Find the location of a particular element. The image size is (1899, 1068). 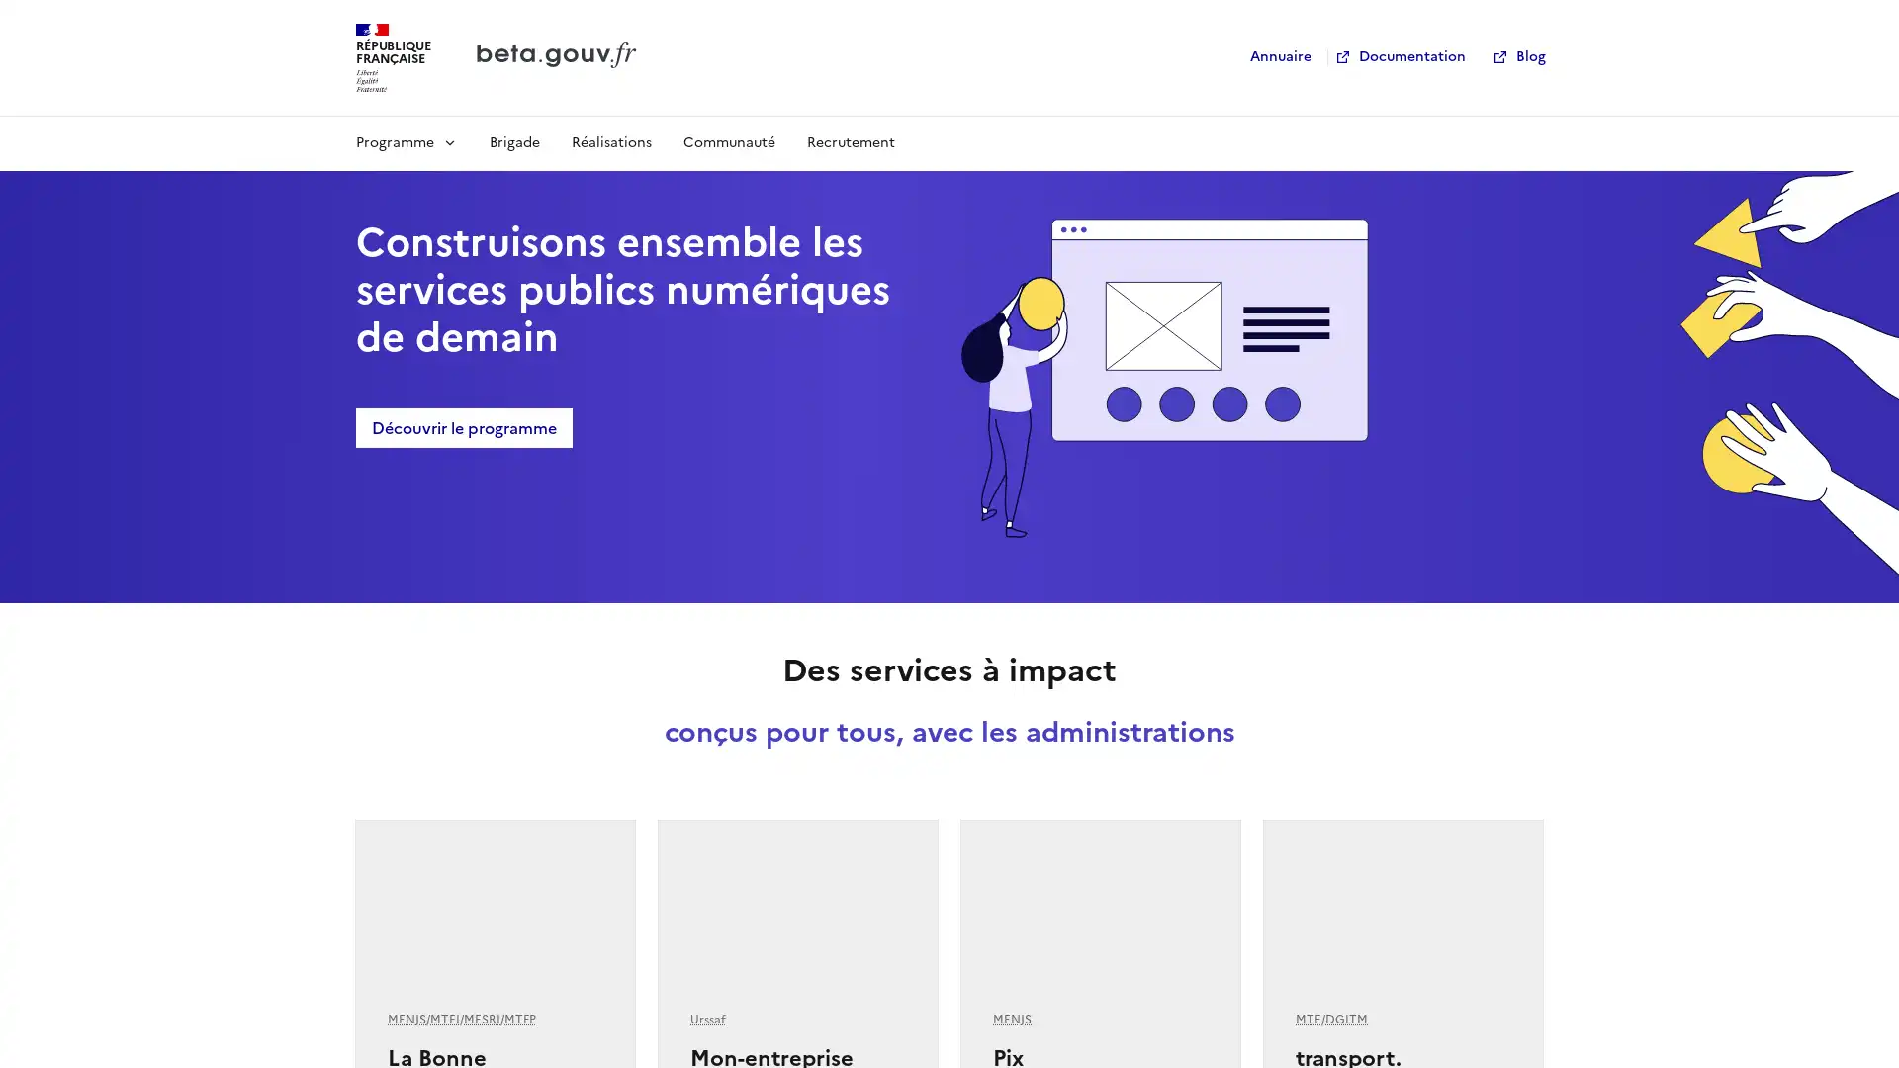

Programme is located at coordinates (406, 140).